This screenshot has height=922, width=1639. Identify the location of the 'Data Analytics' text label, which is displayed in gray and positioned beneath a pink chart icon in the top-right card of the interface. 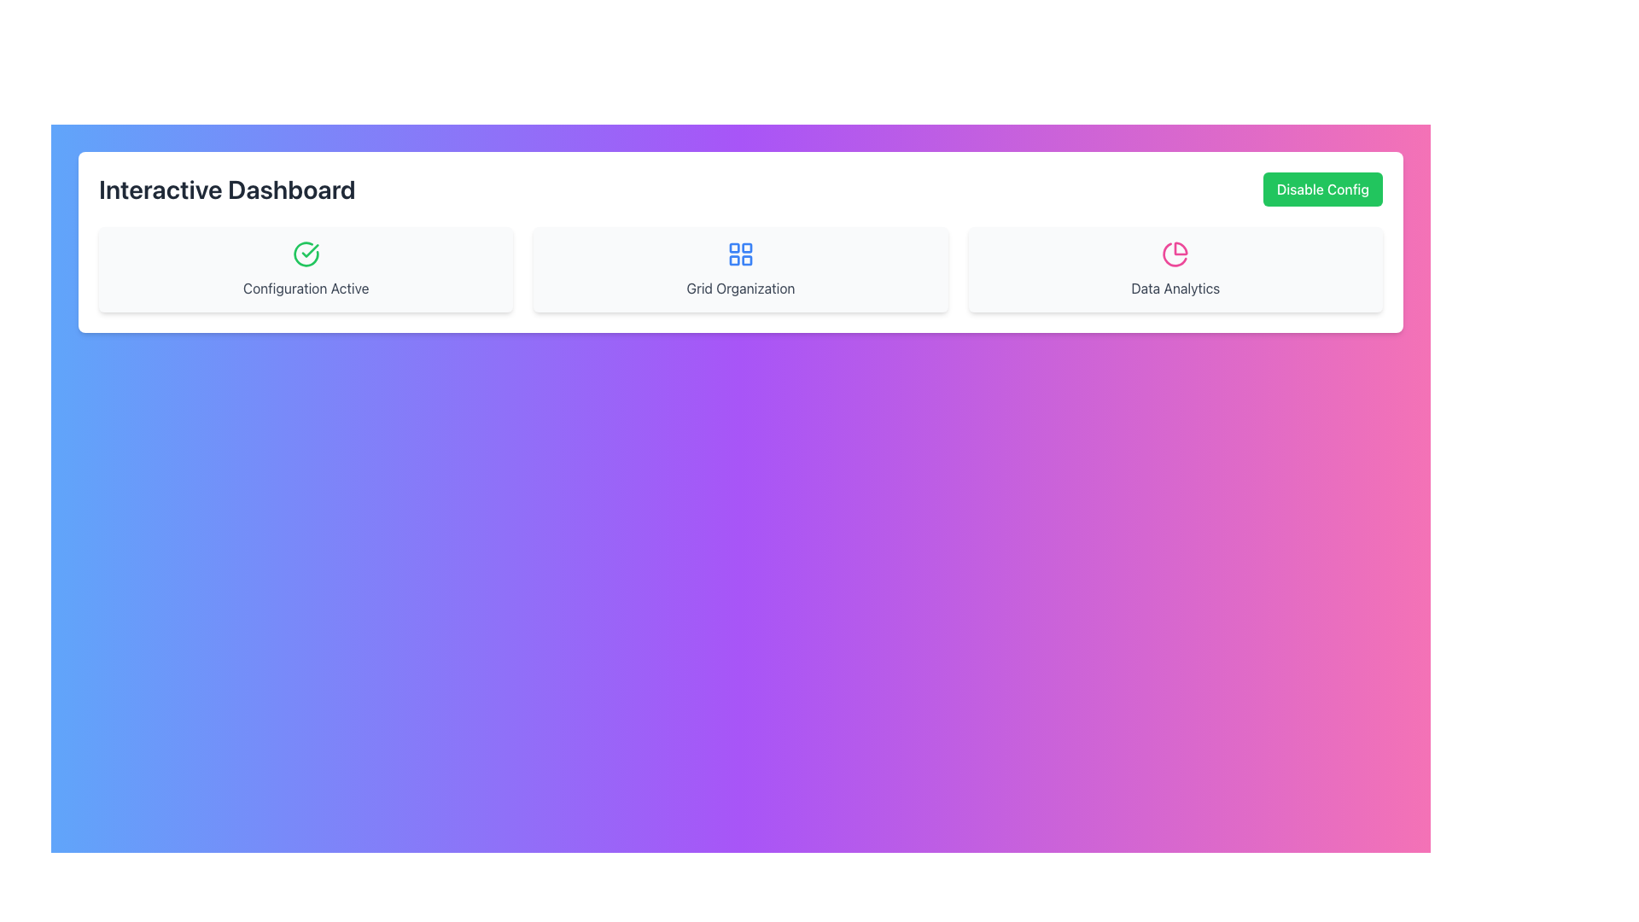
(1175, 288).